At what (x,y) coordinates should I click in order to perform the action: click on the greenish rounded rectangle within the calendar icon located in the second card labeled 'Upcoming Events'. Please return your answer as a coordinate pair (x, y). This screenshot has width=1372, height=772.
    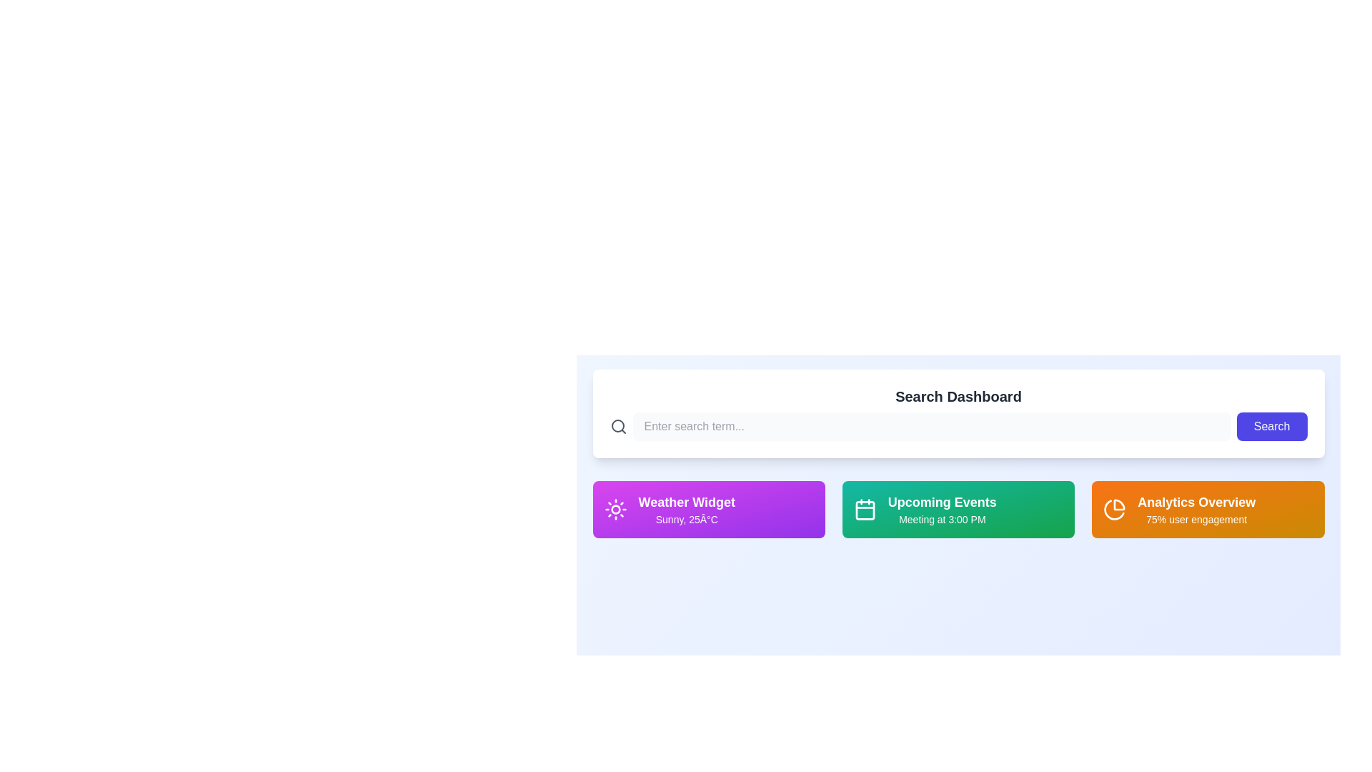
    Looking at the image, I should click on (864, 510).